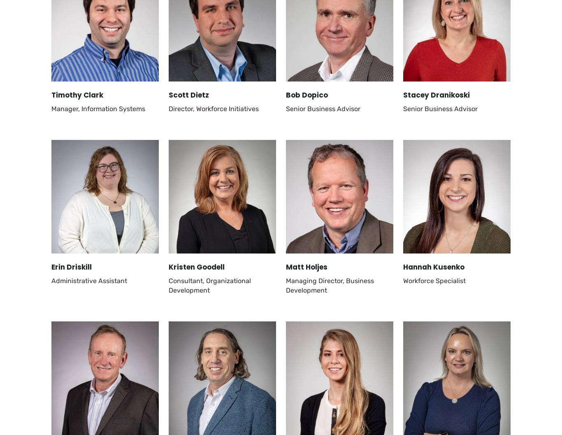 This screenshot has width=562, height=435. I want to click on '© 2023 Catalyst Connection', so click(51, 254).